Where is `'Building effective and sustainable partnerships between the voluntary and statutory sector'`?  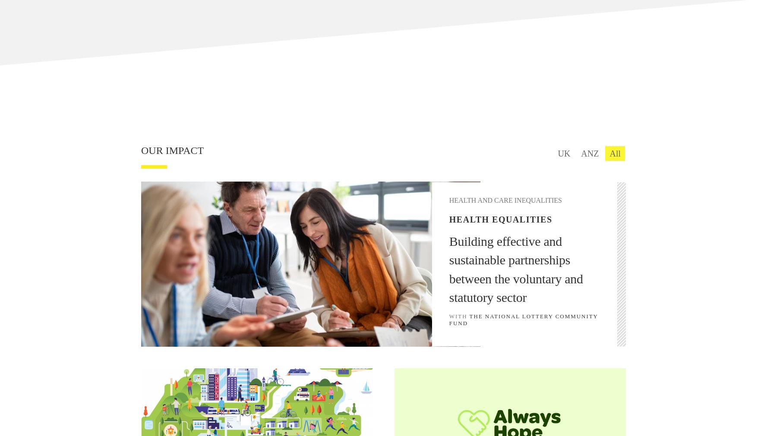 'Building effective and sustainable partnerships between the voluntary and statutory sector' is located at coordinates (449, 269).